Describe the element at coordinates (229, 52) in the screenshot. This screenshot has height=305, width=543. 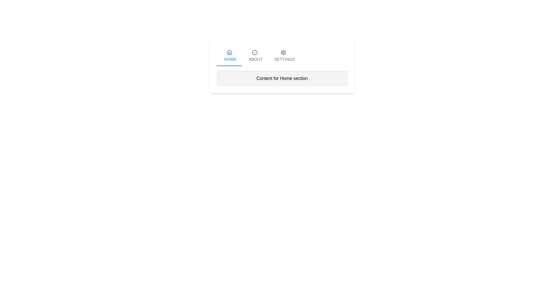
I see `the house icon in the tab bar under the 'HOME' label` at that location.